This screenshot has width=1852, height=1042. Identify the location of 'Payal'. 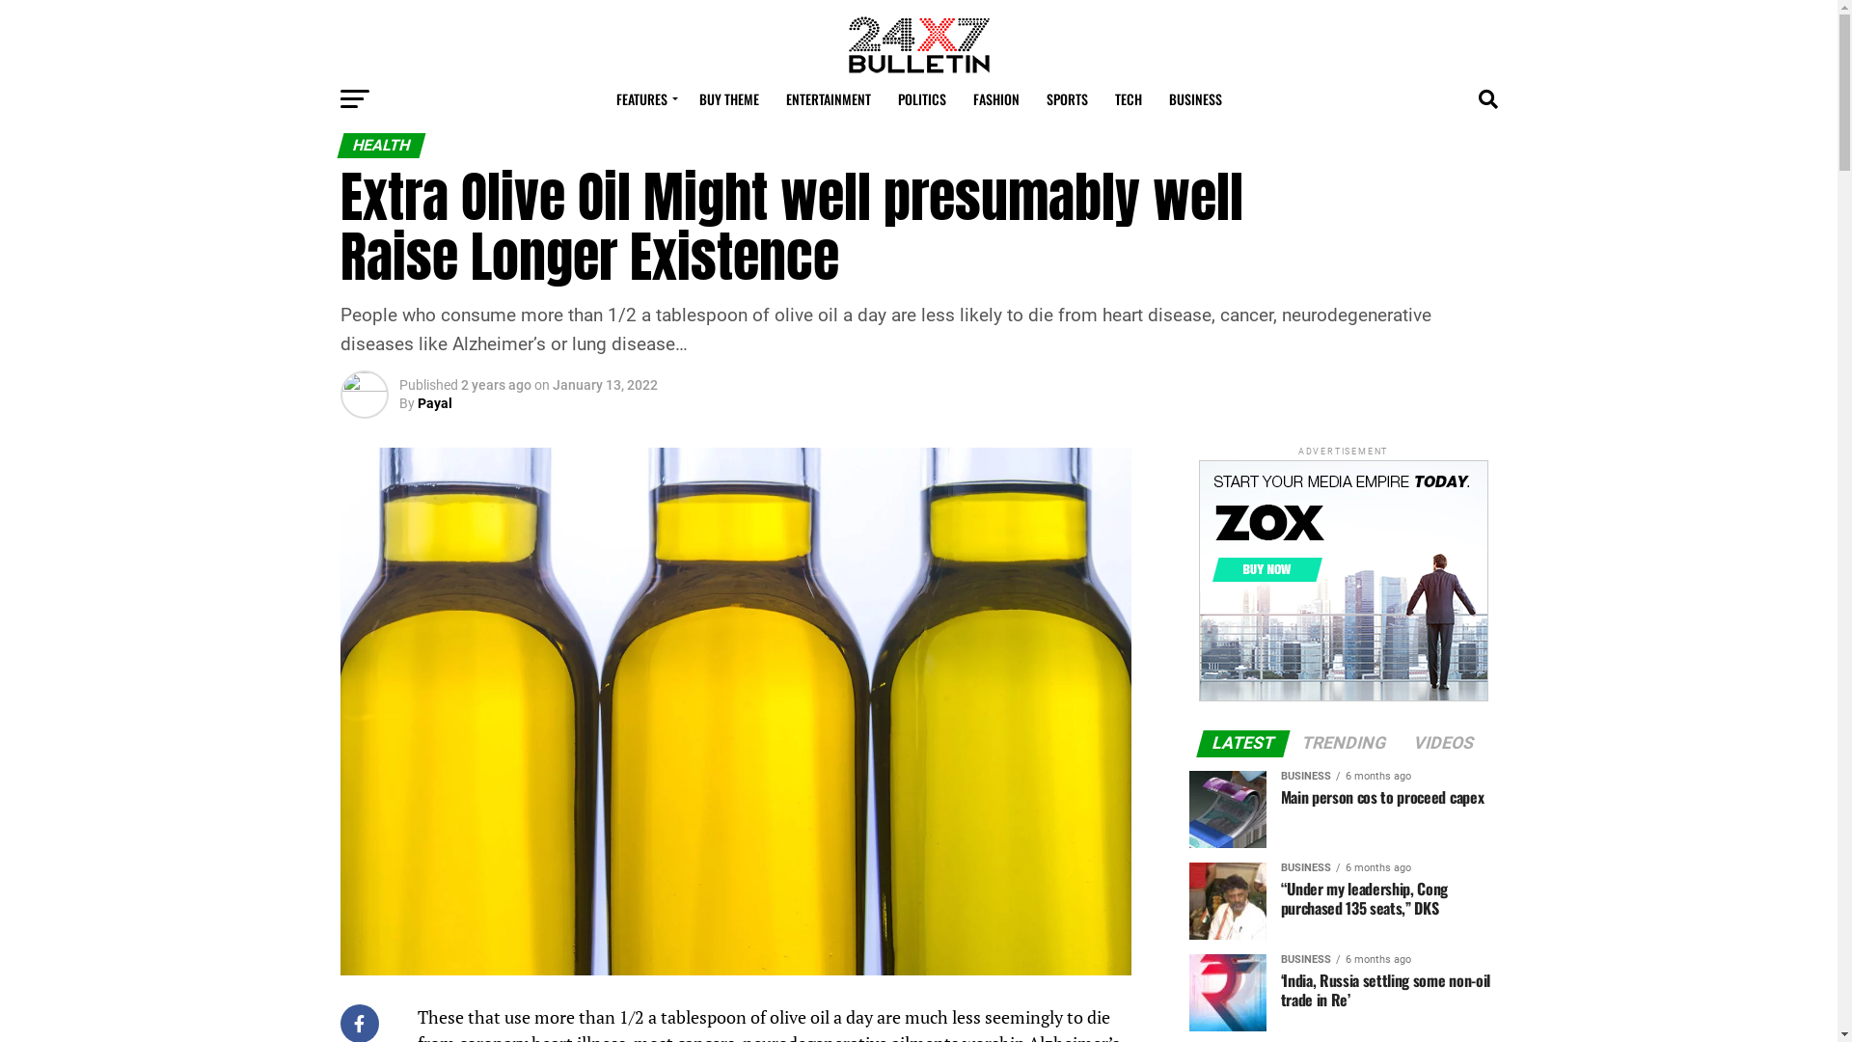
(416, 401).